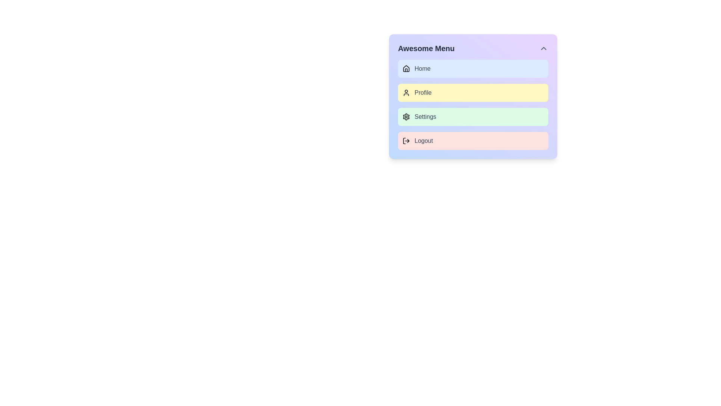  Describe the element at coordinates (406, 68) in the screenshot. I see `the house icon located in the 'Home' menu option of the 'Awesome Menu' dropdown` at that location.